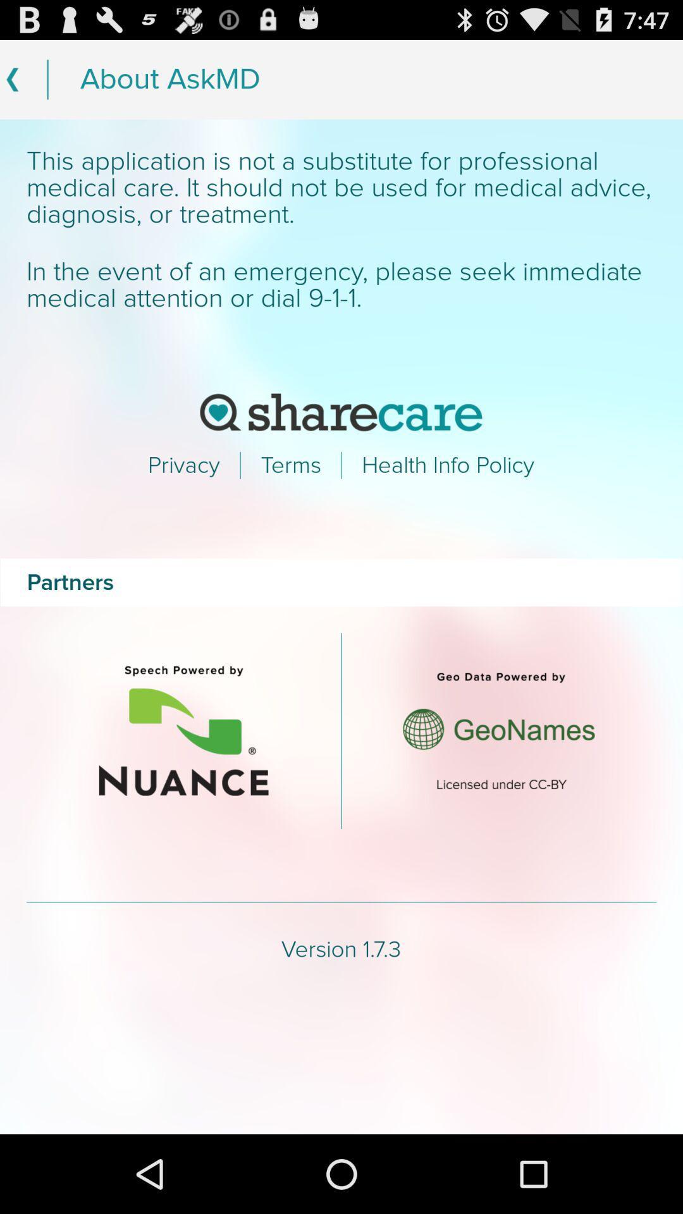 The image size is (683, 1214). I want to click on the image which is just below the partners, so click(183, 731).